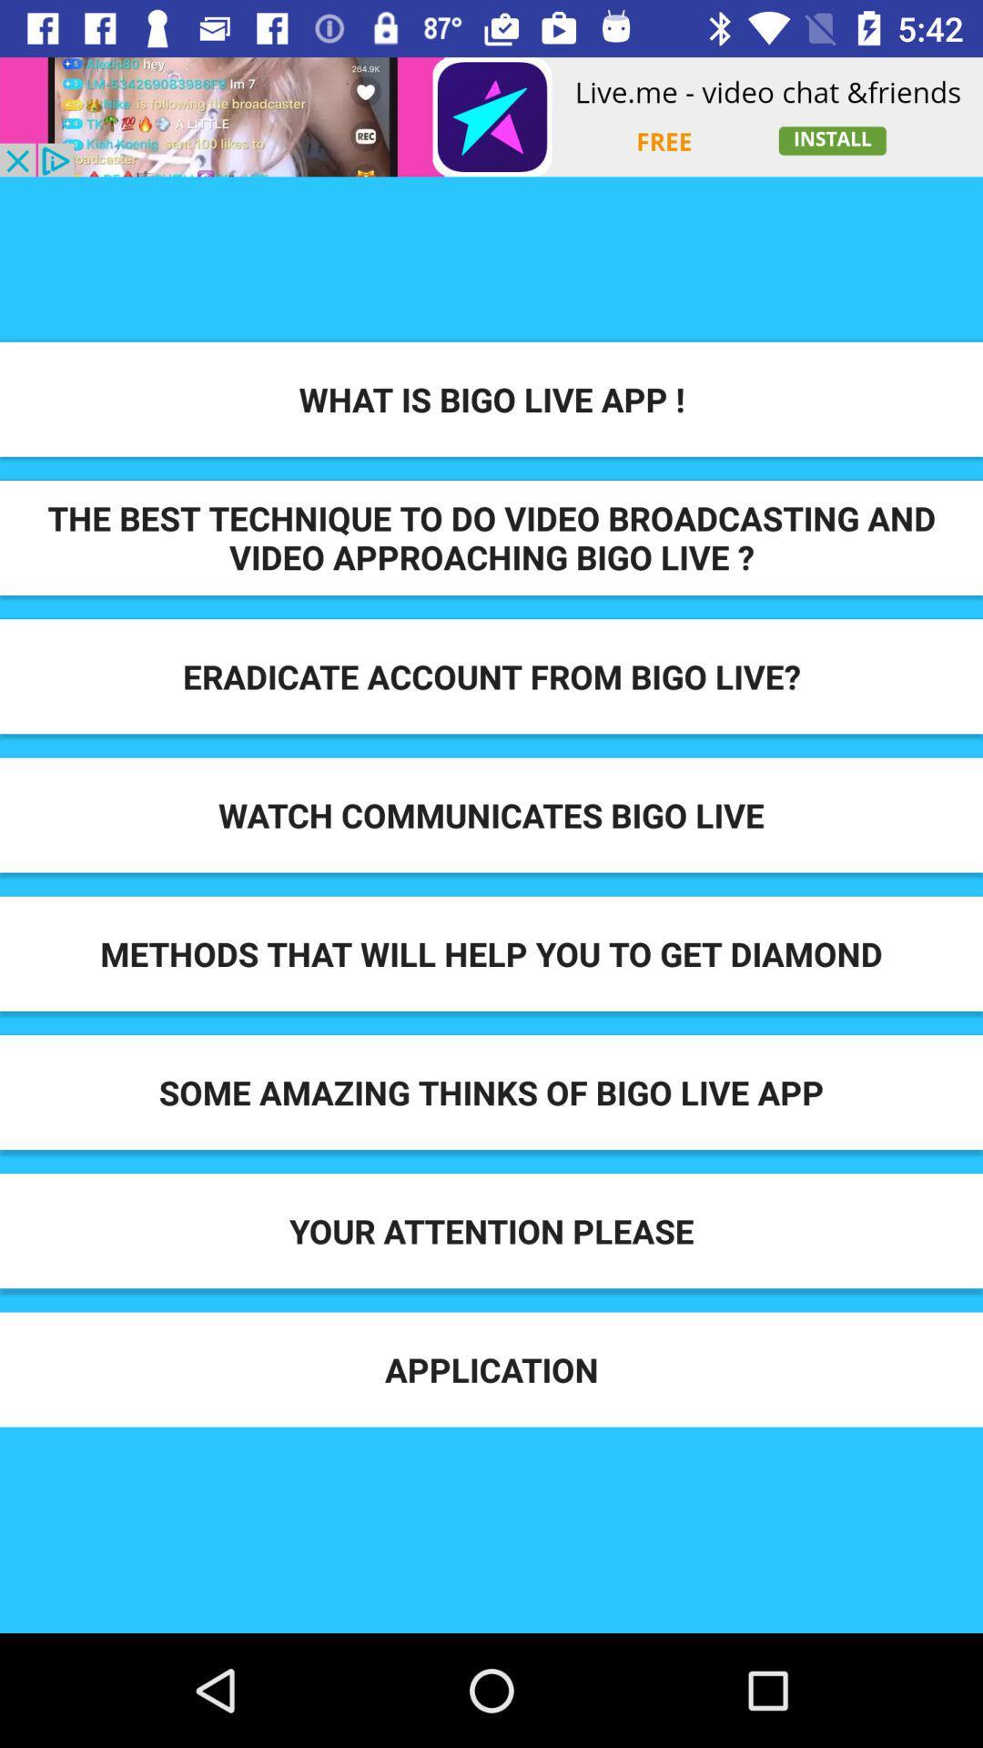 The width and height of the screenshot is (983, 1748). I want to click on display advertisement, so click(491, 116).